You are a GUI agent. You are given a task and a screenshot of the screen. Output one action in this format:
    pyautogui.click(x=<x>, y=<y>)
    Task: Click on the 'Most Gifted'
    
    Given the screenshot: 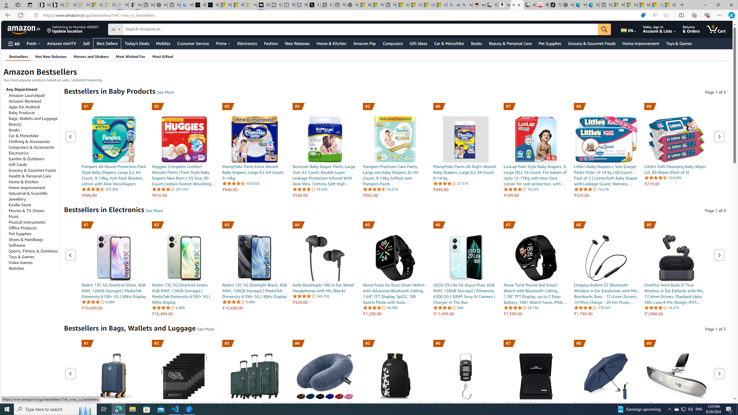 What is the action you would take?
    pyautogui.click(x=162, y=56)
    